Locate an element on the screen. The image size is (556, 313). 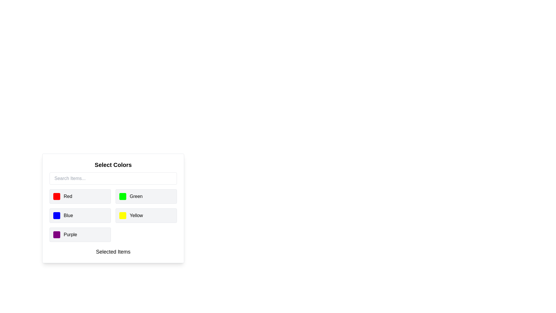
the yellow color option from the color swatch located in the grid layout of the 'Select Colors' panel is located at coordinates (122, 216).